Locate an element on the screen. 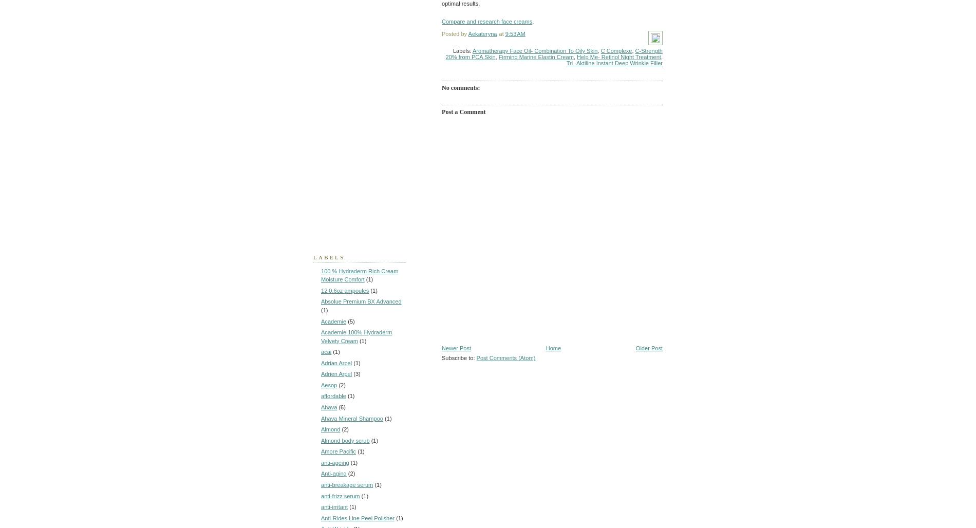  '.' is located at coordinates (532, 22).